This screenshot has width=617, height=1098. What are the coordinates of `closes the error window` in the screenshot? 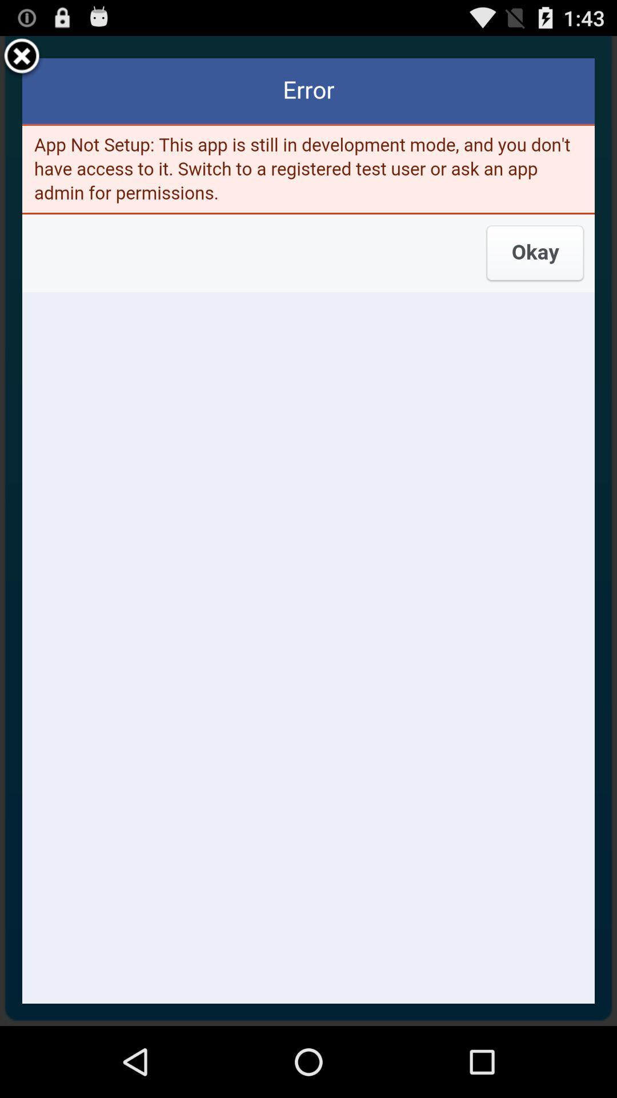 It's located at (22, 57).